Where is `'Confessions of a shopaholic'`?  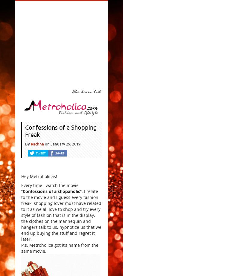 'Confessions of a shopaholic' is located at coordinates (51, 191).